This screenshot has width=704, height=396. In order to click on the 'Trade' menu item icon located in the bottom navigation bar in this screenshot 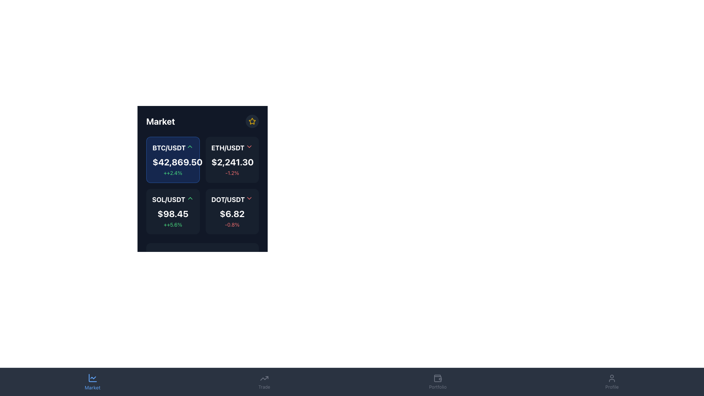, I will do `click(264, 378)`.